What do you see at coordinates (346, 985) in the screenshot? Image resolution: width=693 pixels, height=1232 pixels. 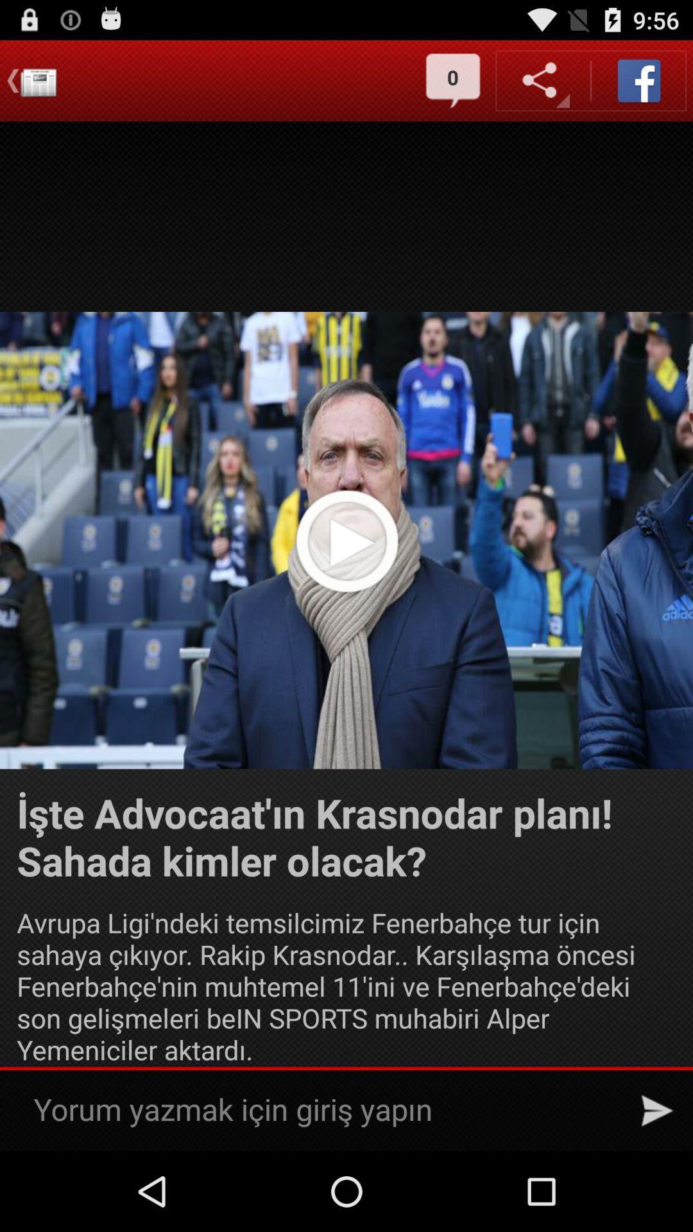 I see `the avrupa ligi ndeki item` at bounding box center [346, 985].